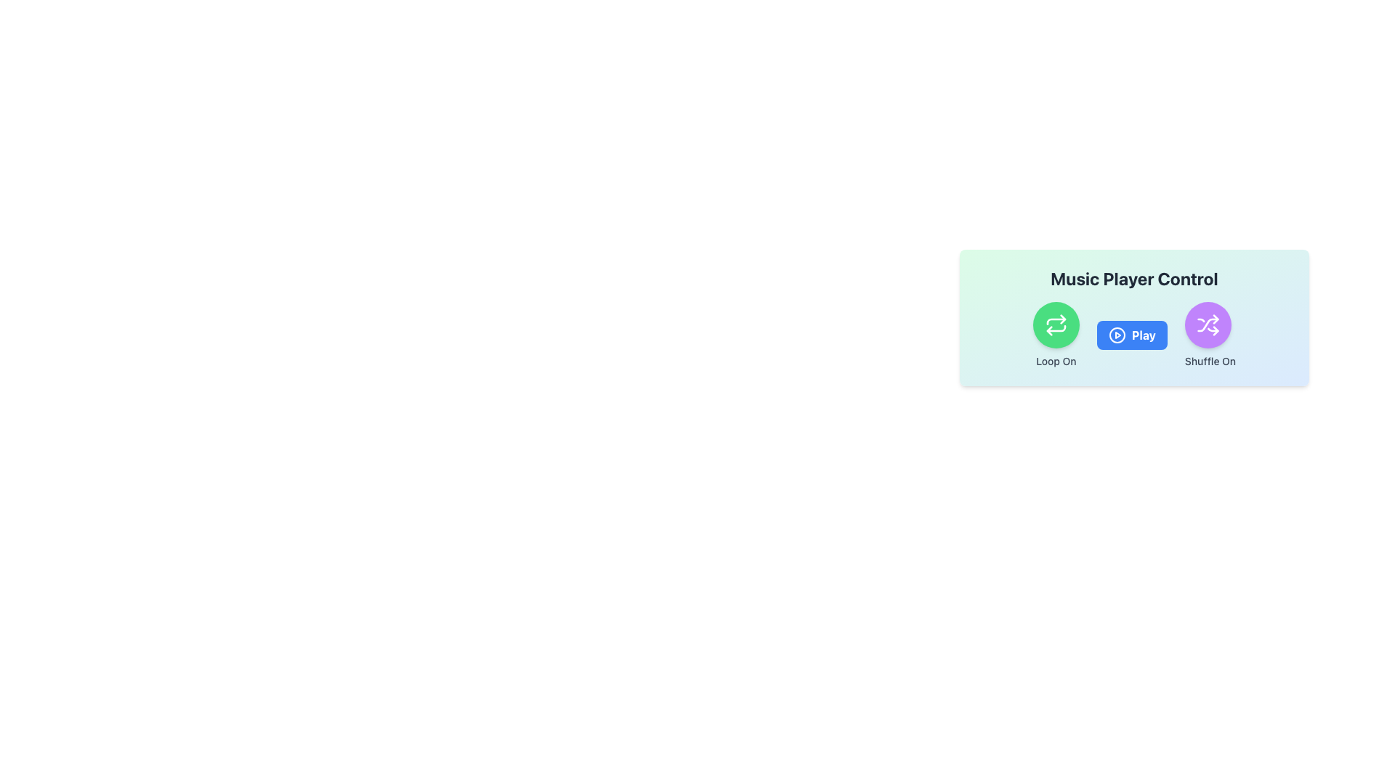 The width and height of the screenshot is (1395, 784). What do you see at coordinates (1133, 335) in the screenshot?
I see `the 'Play' button with a blue background containing a play symbol` at bounding box center [1133, 335].